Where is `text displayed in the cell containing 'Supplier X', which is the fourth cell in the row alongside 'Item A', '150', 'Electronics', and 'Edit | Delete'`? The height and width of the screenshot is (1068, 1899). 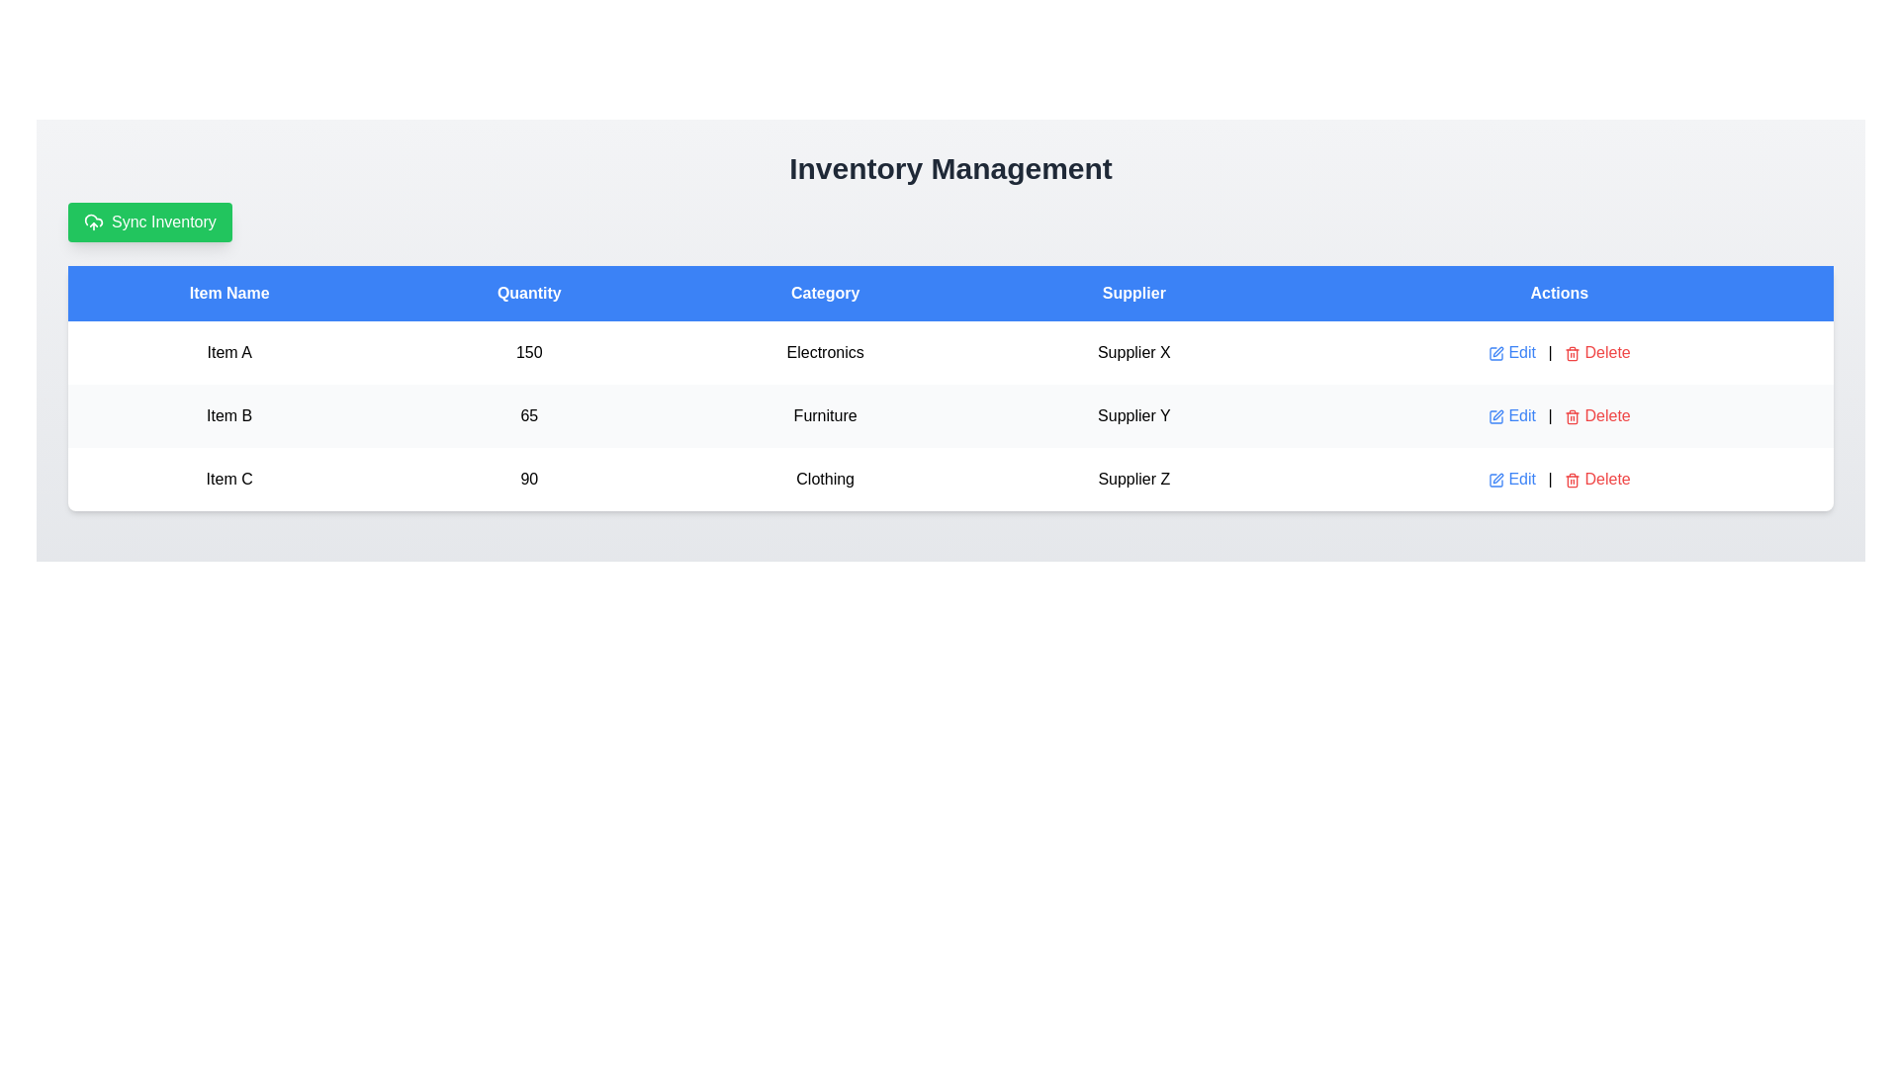
text displayed in the cell containing 'Supplier X', which is the fourth cell in the row alongside 'Item A', '150', 'Electronics', and 'Edit | Delete' is located at coordinates (1133, 352).